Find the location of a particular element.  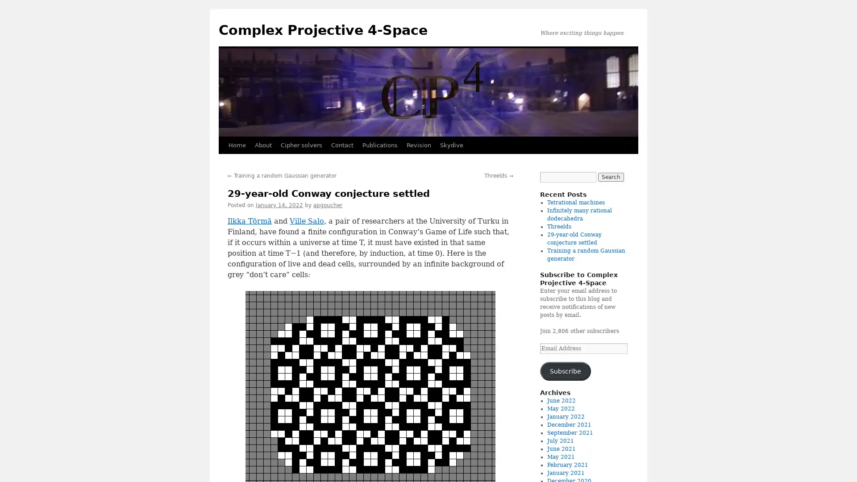

Subscribe is located at coordinates (565, 371).